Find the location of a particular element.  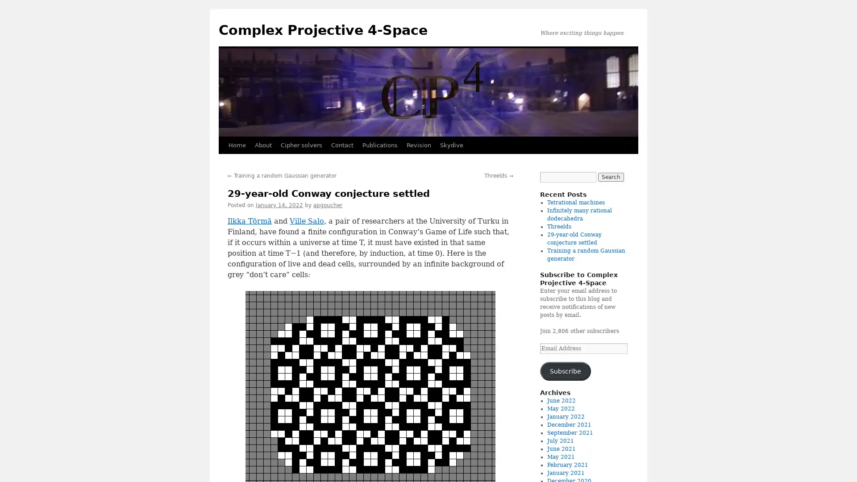

Subscribe is located at coordinates (565, 371).